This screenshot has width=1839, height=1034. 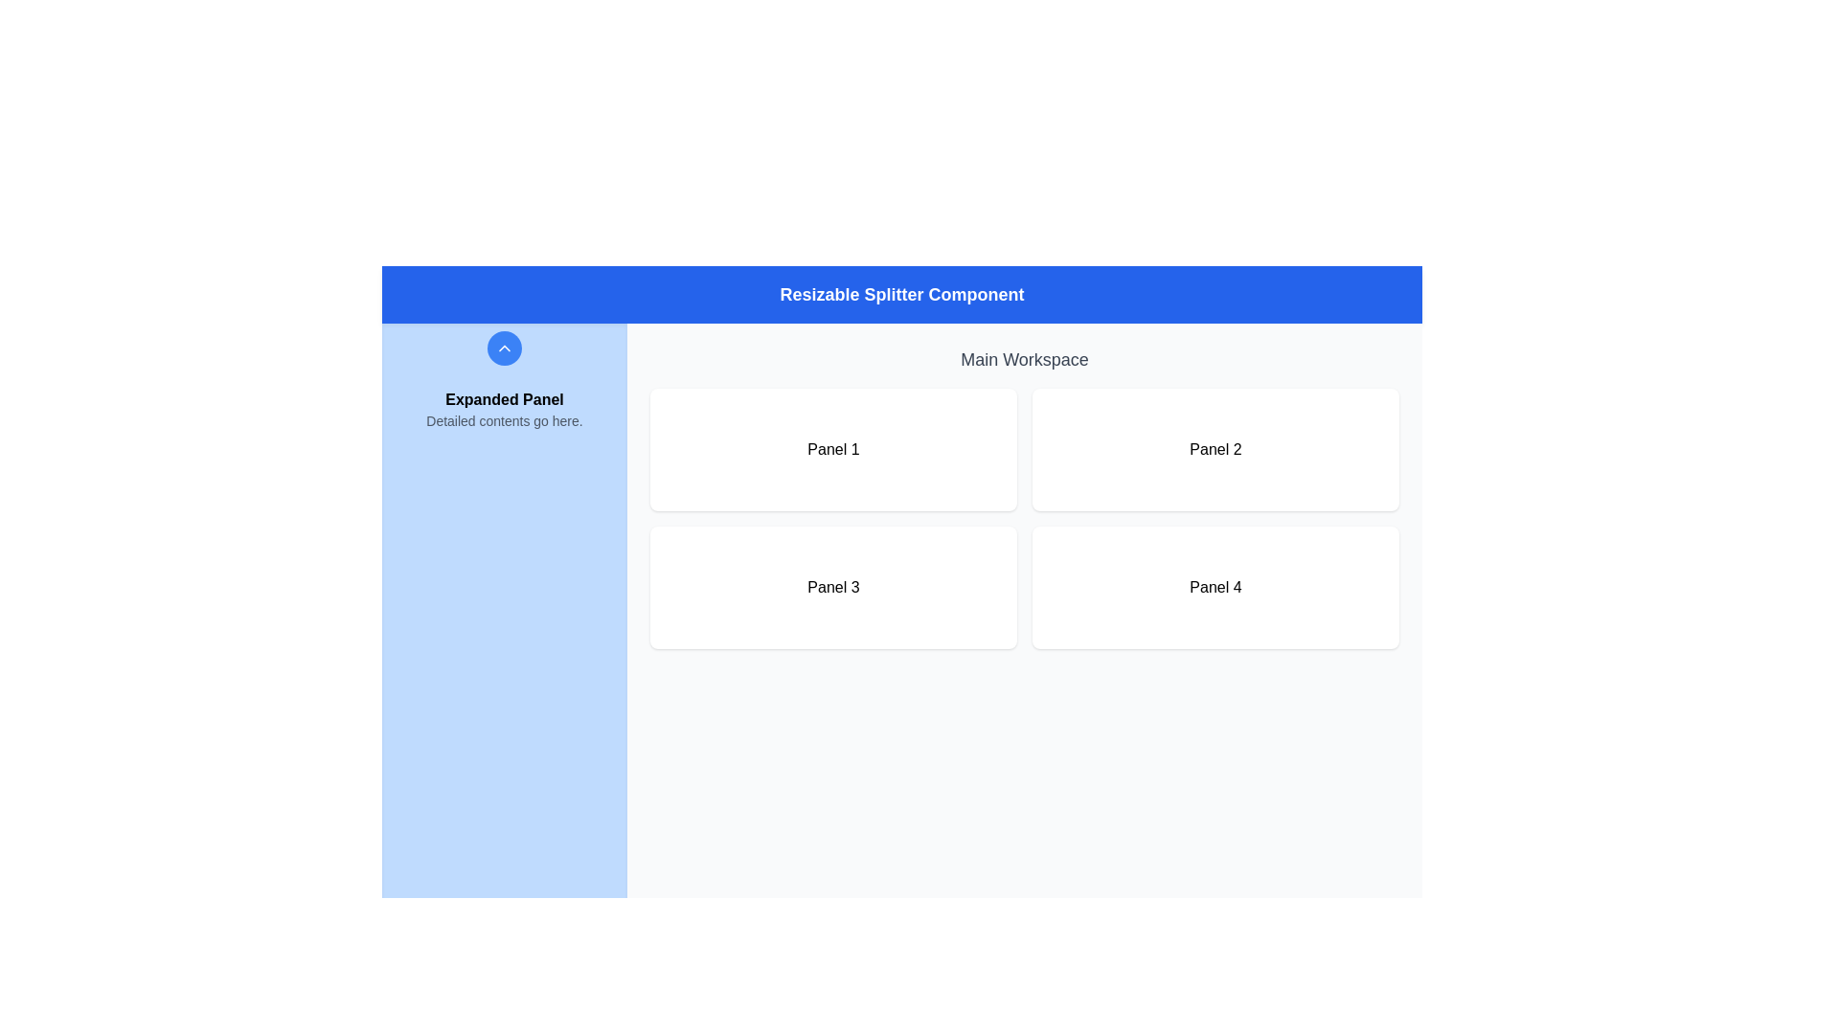 I want to click on rectangular panel with a white background and rounded corners that contains the text 'Panel 4', located in the bottom-right quadrant of the grid layout, so click(x=1215, y=586).